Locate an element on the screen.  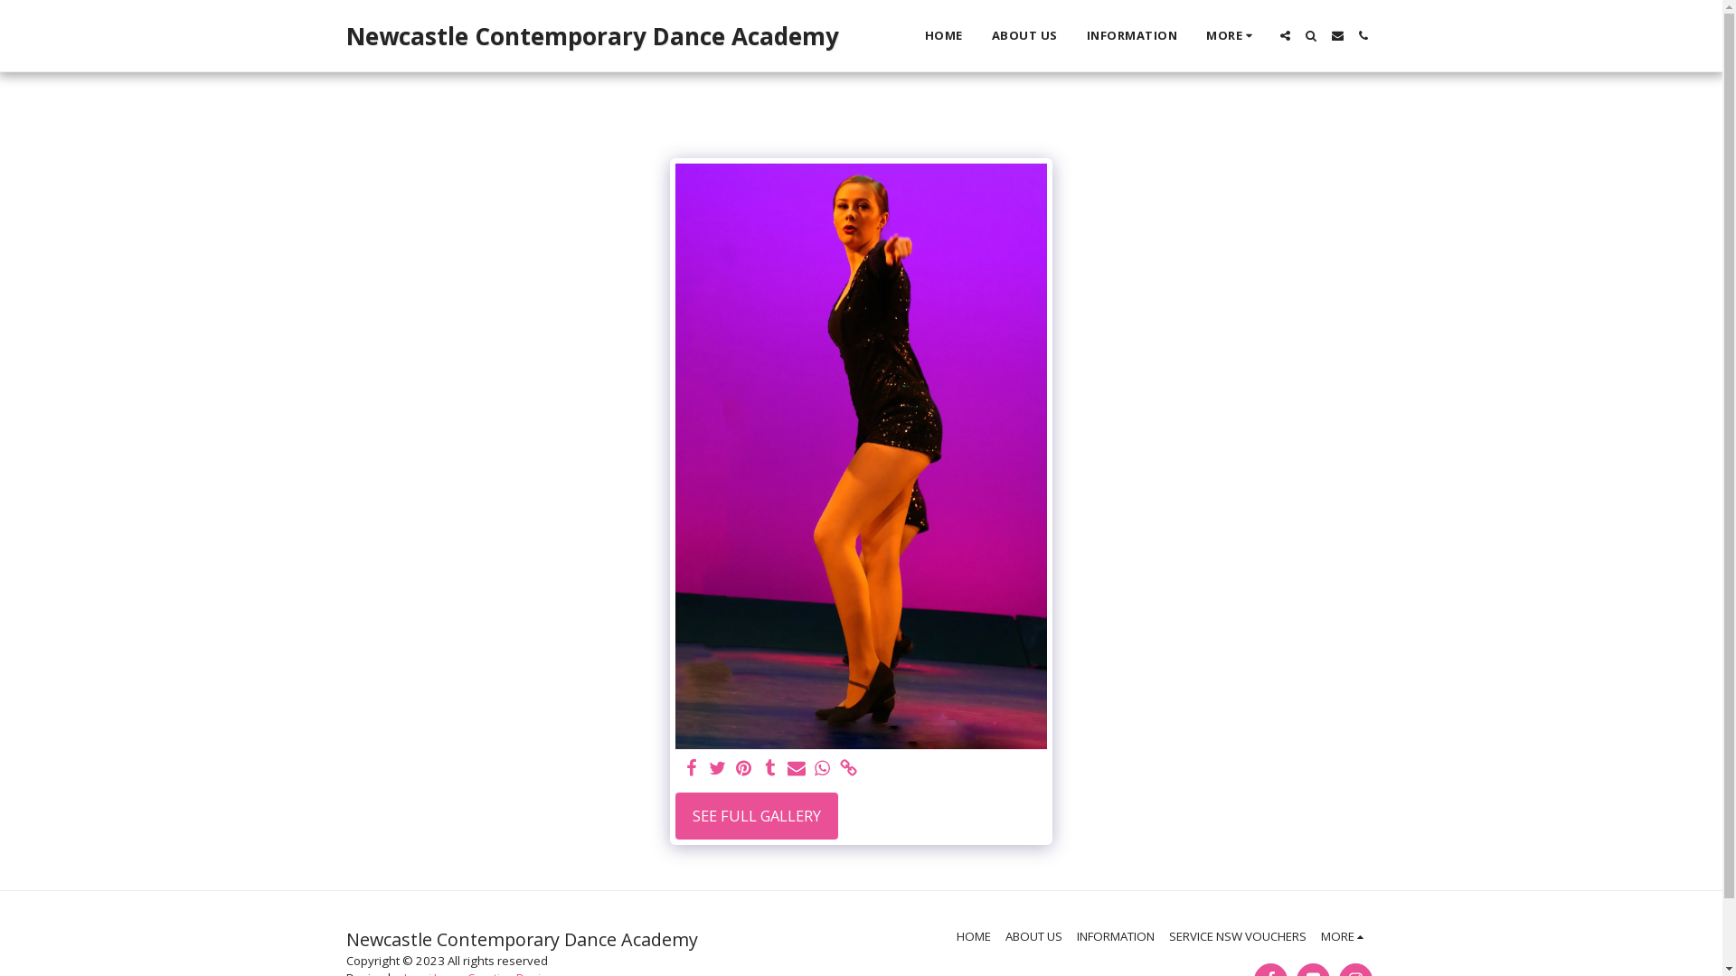
'ABOUT US' is located at coordinates (1033, 935).